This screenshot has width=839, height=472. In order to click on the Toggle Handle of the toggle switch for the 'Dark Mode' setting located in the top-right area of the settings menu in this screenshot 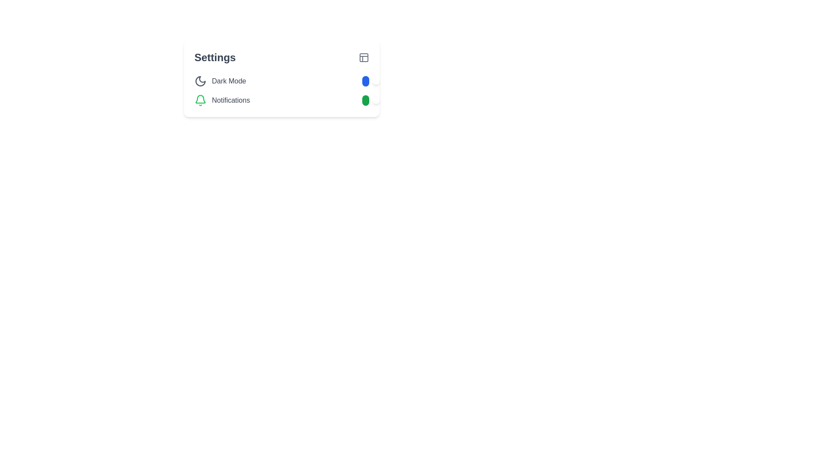, I will do `click(376, 81)`.